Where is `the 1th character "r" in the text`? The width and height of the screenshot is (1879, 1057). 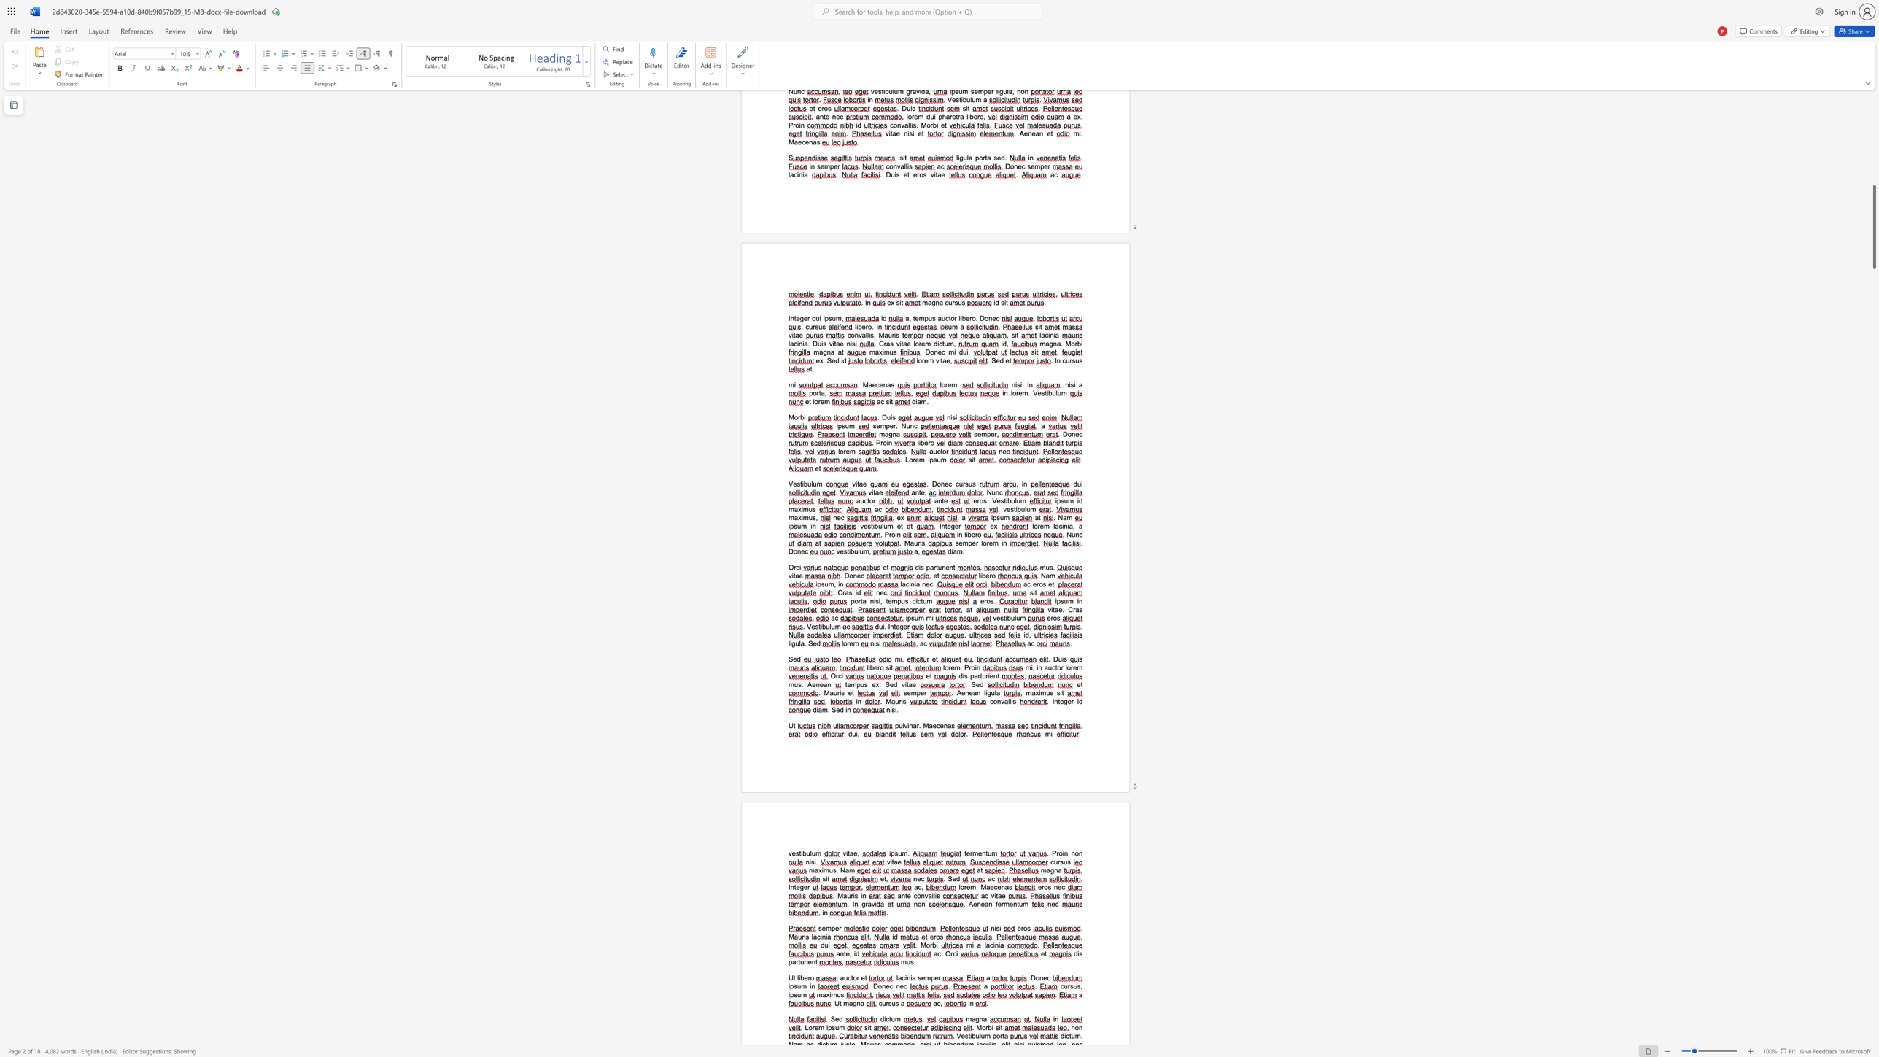 the 1th character "r" in the text is located at coordinates (843, 592).